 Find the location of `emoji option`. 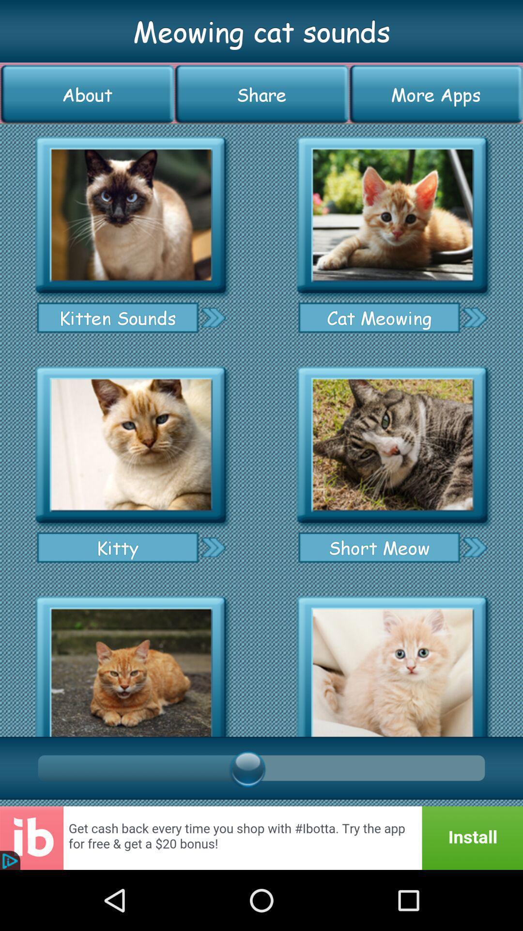

emoji option is located at coordinates (392, 445).